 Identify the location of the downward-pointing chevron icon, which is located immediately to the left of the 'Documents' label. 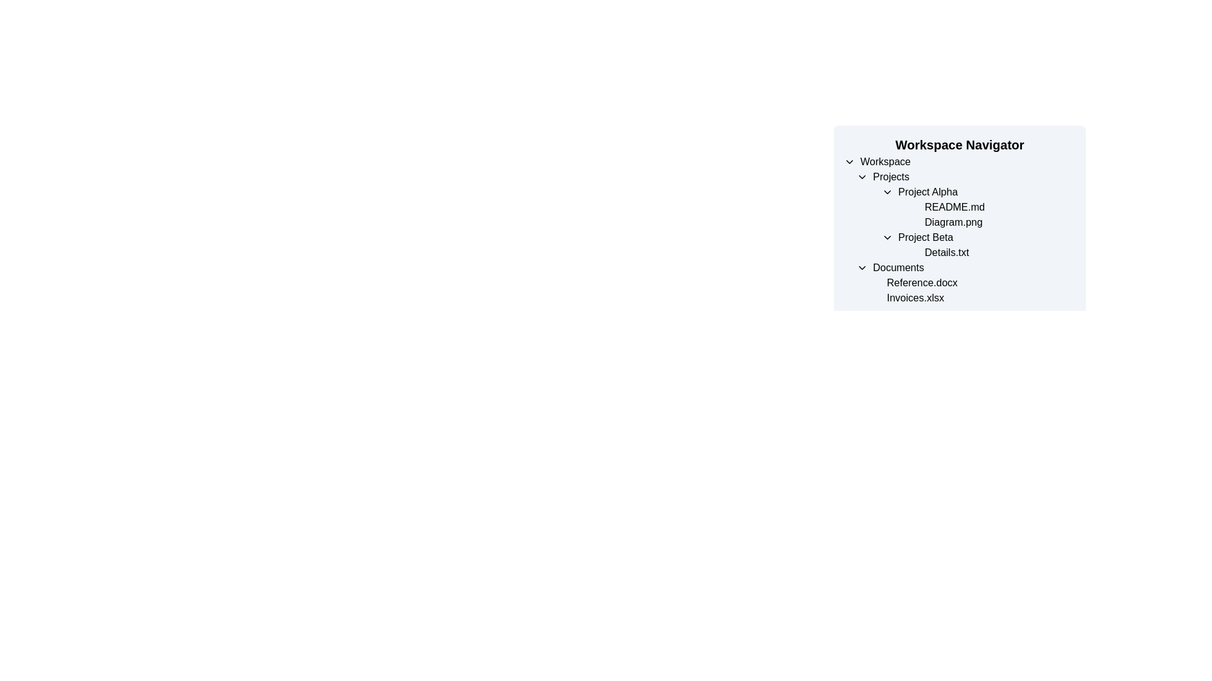
(862, 267).